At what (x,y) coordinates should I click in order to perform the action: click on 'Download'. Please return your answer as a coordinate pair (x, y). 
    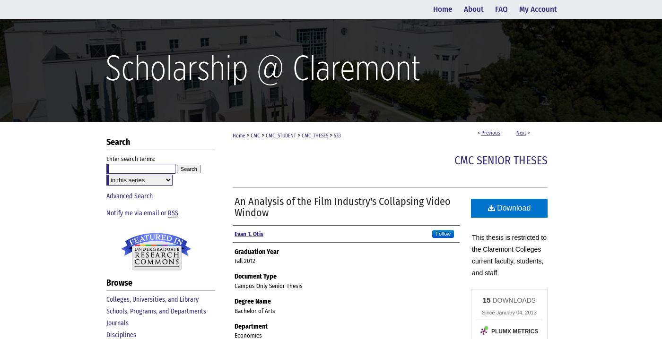
    Looking at the image, I should click on (513, 207).